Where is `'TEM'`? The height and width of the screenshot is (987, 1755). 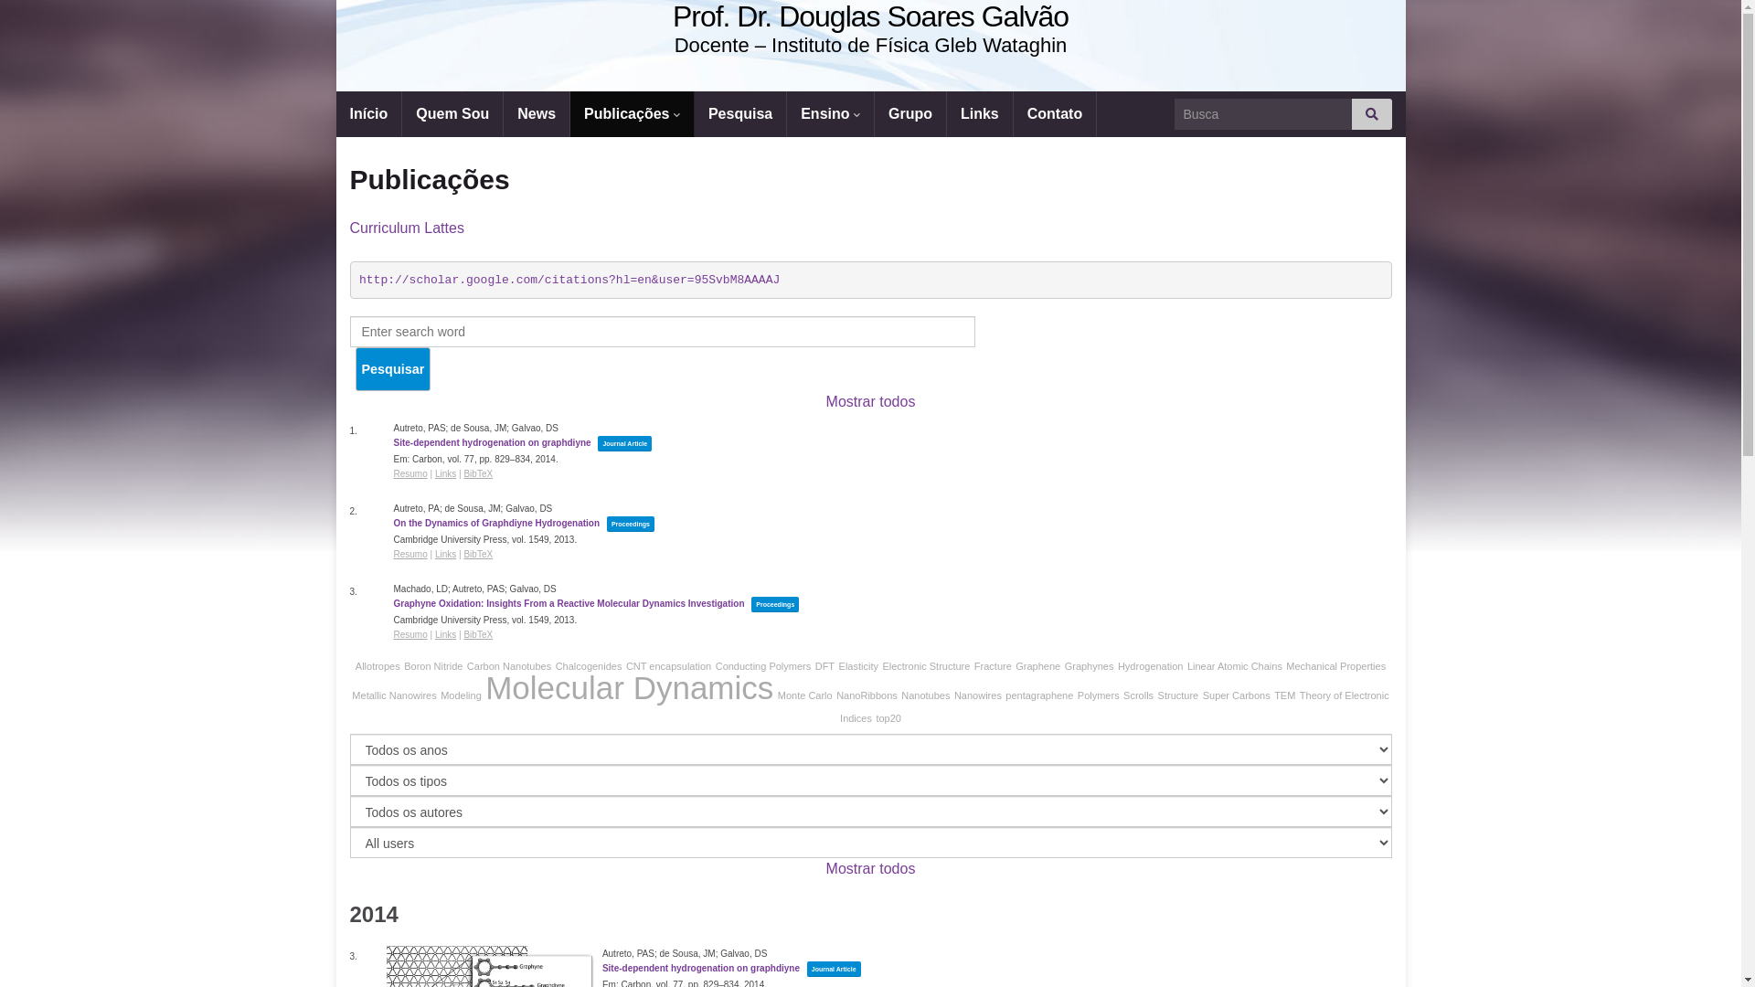
'TEM' is located at coordinates (1283, 695).